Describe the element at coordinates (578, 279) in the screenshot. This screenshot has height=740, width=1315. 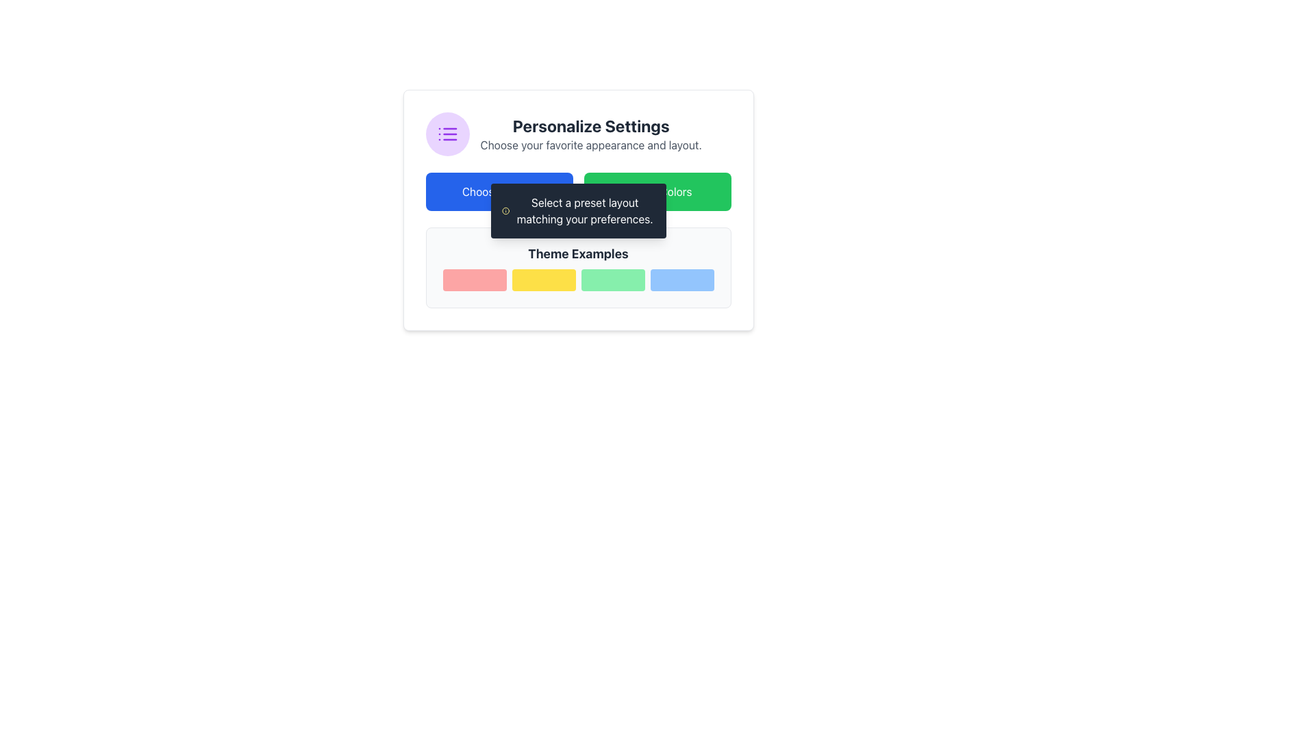
I see `one of the colored sections in the 'Theme Examples' grid layout` at that location.